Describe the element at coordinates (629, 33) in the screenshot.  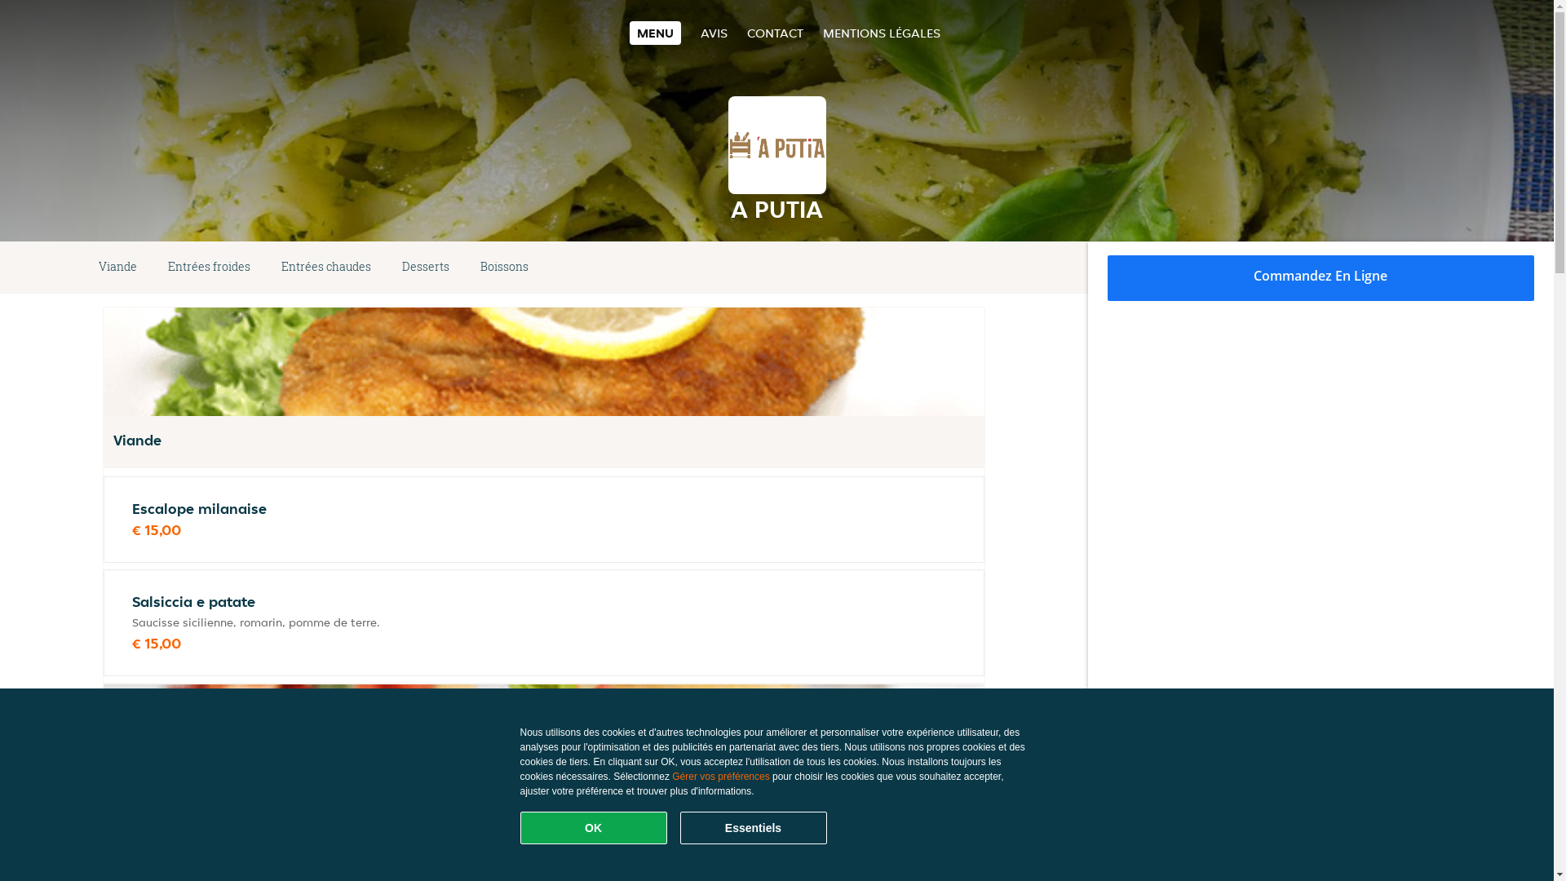
I see `'MENU'` at that location.